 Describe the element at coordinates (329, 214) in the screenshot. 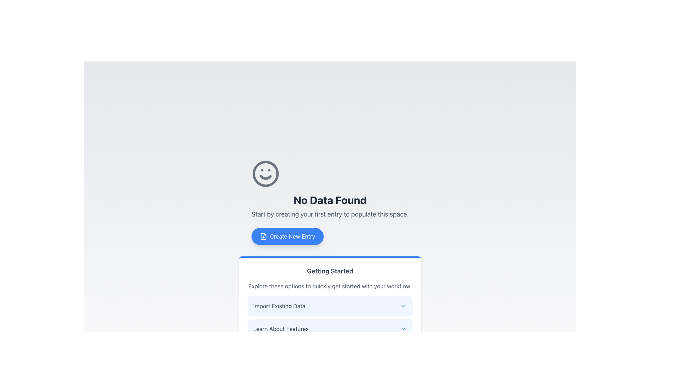

I see `the static text element displaying the message 'Start by creating your first entry to populate this space.', which is positioned centrally below the title 'No Data Found'` at that location.